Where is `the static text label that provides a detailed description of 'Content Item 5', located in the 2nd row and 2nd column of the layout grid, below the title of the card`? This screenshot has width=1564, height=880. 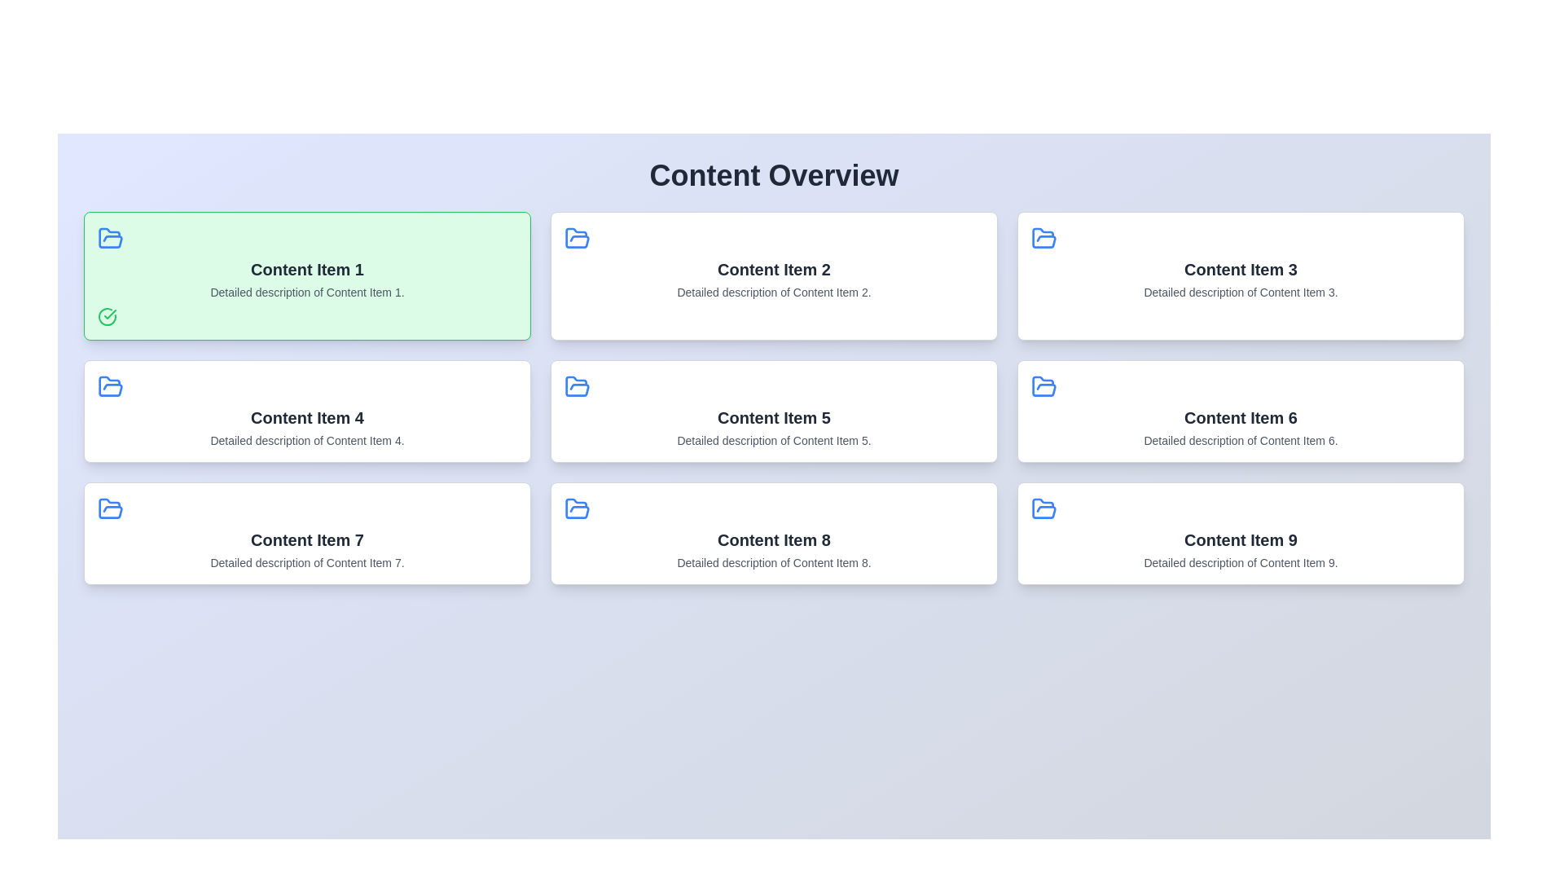 the static text label that provides a detailed description of 'Content Item 5', located in the 2nd row and 2nd column of the layout grid, below the title of the card is located at coordinates (773, 440).